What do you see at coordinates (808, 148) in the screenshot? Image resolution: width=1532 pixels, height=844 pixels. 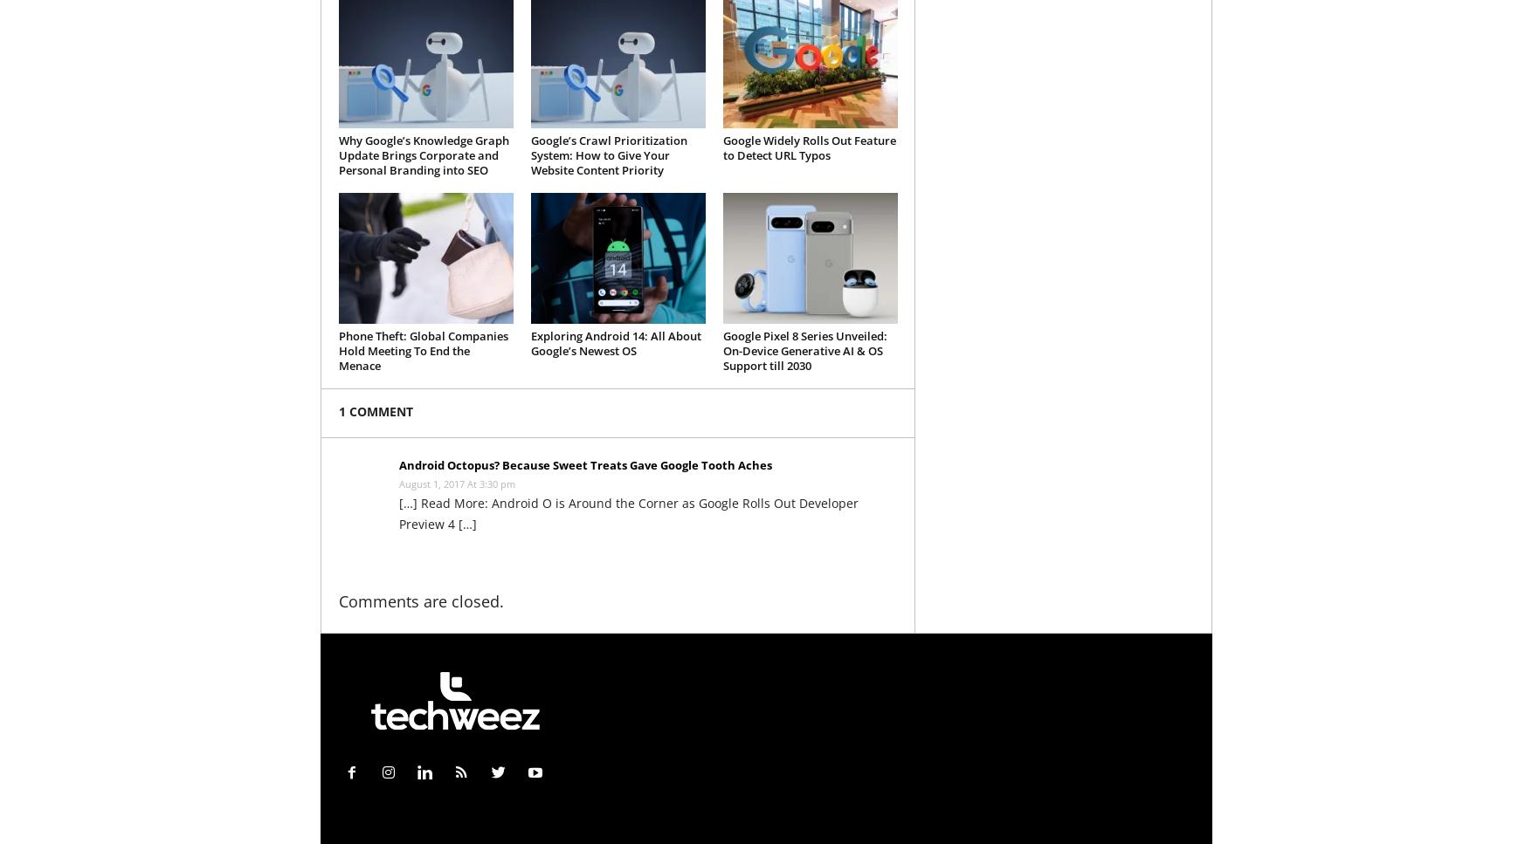 I see `'Google Widely Rolls Out Feature to Detect URL Typos'` at bounding box center [808, 148].